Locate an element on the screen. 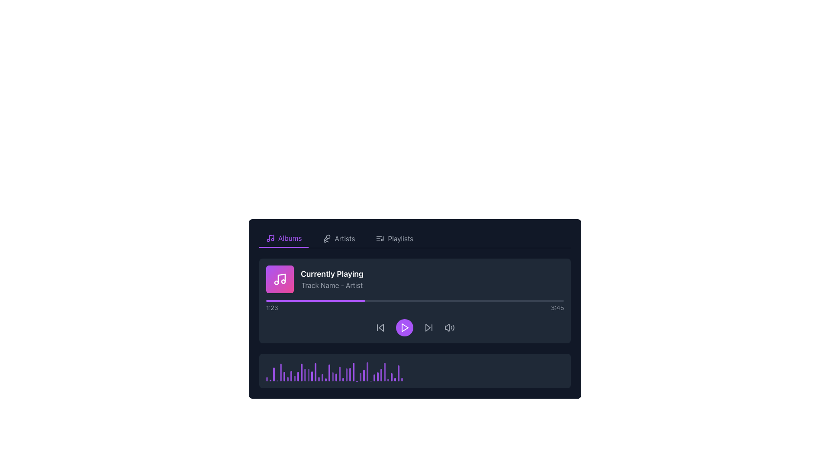 This screenshot has width=831, height=467. the 20th vertical bar in the graphical representation of audio data located at the bottom of the interface is located at coordinates (329, 372).